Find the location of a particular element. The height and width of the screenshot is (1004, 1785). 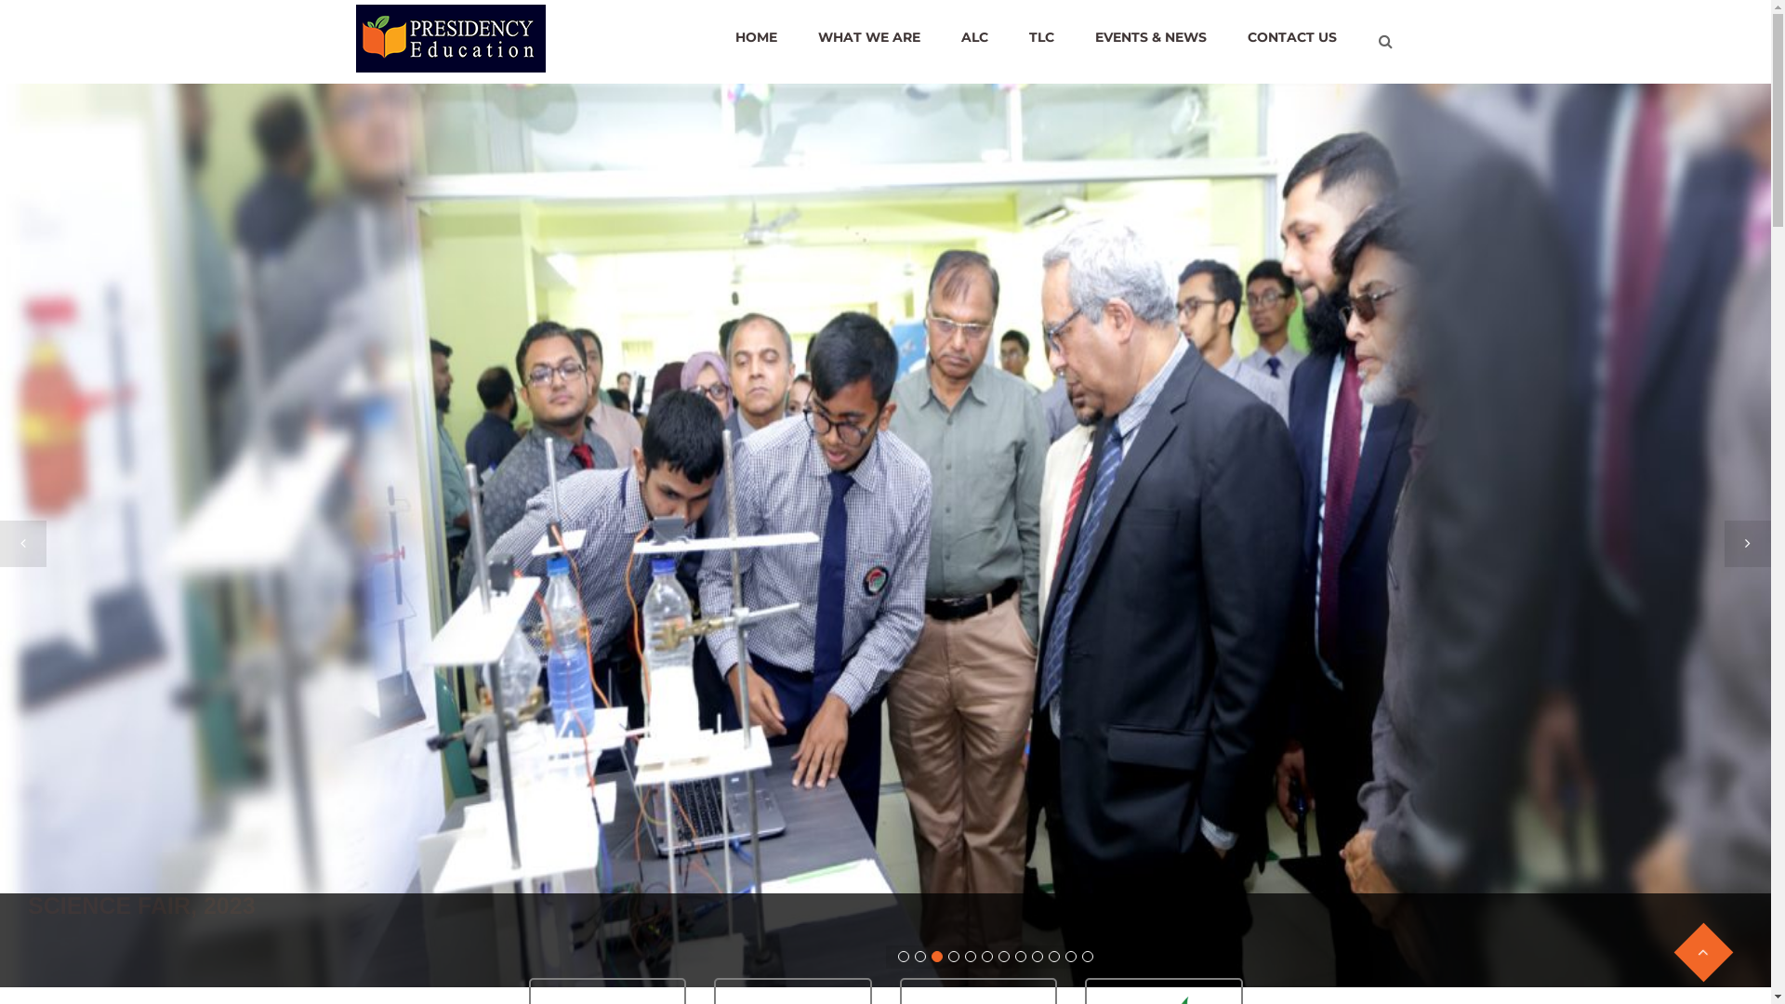

'4' is located at coordinates (954, 957).